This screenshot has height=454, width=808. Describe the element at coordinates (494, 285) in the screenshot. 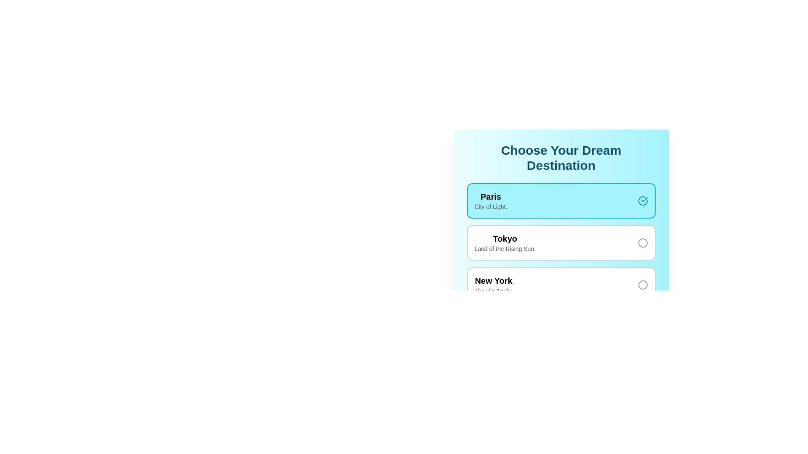

I see `displayed text of the textual label for the city 'New York,' which is the last item in the selectable destination list, located below the 'Tokyo' option` at that location.